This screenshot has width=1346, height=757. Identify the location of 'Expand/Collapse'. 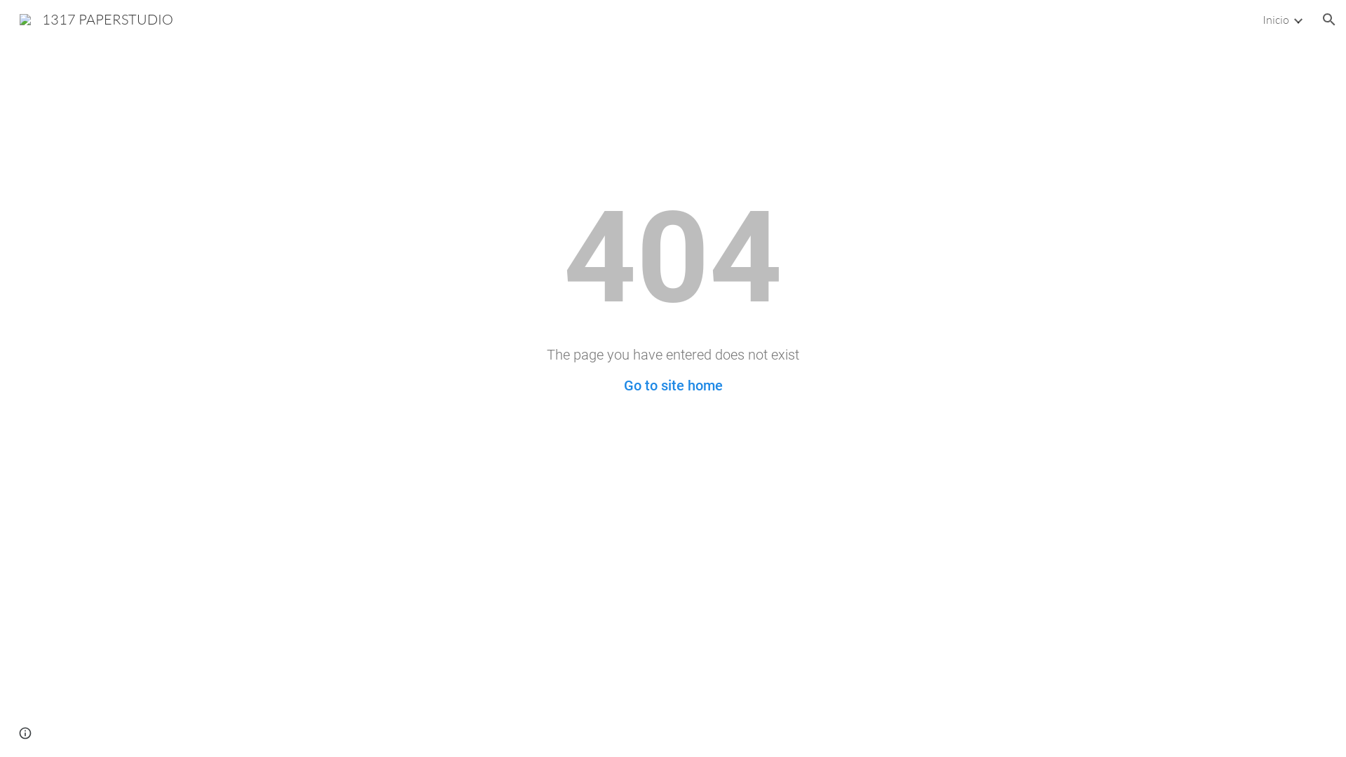
(1297, 19).